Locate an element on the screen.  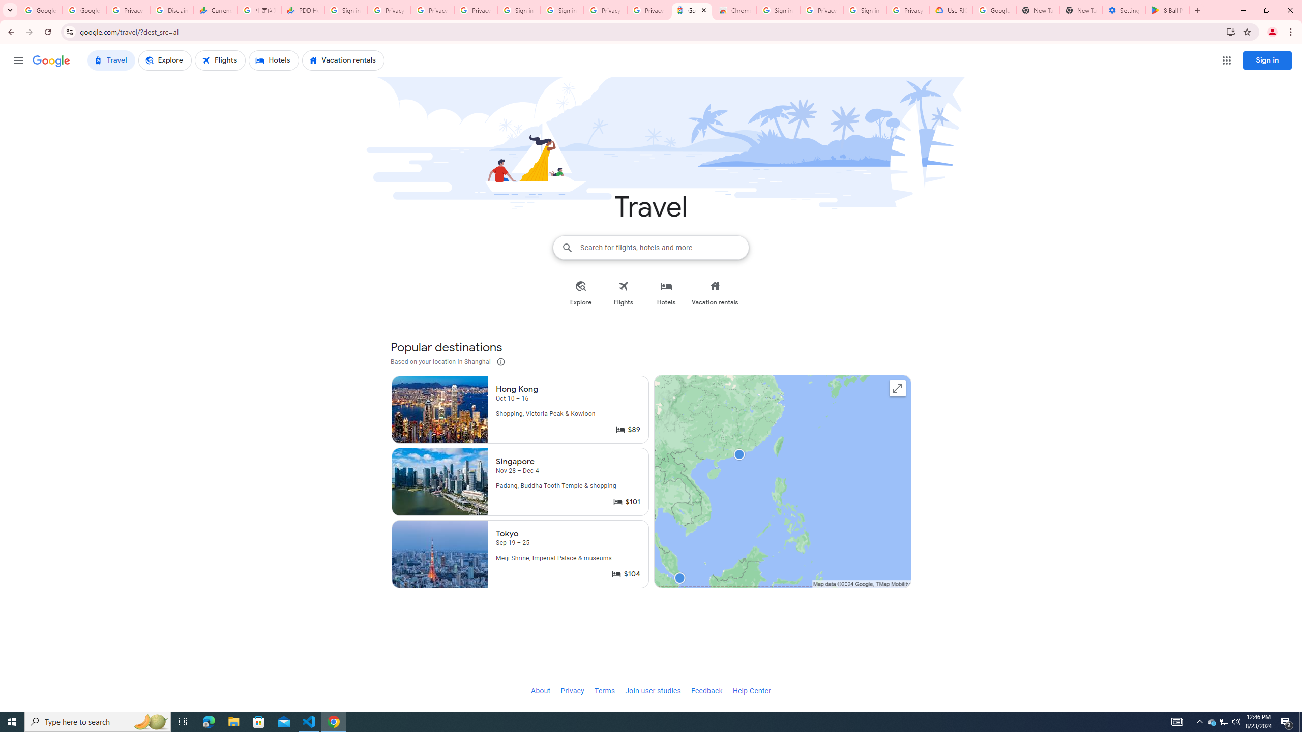
'Travel' is located at coordinates (110, 60).